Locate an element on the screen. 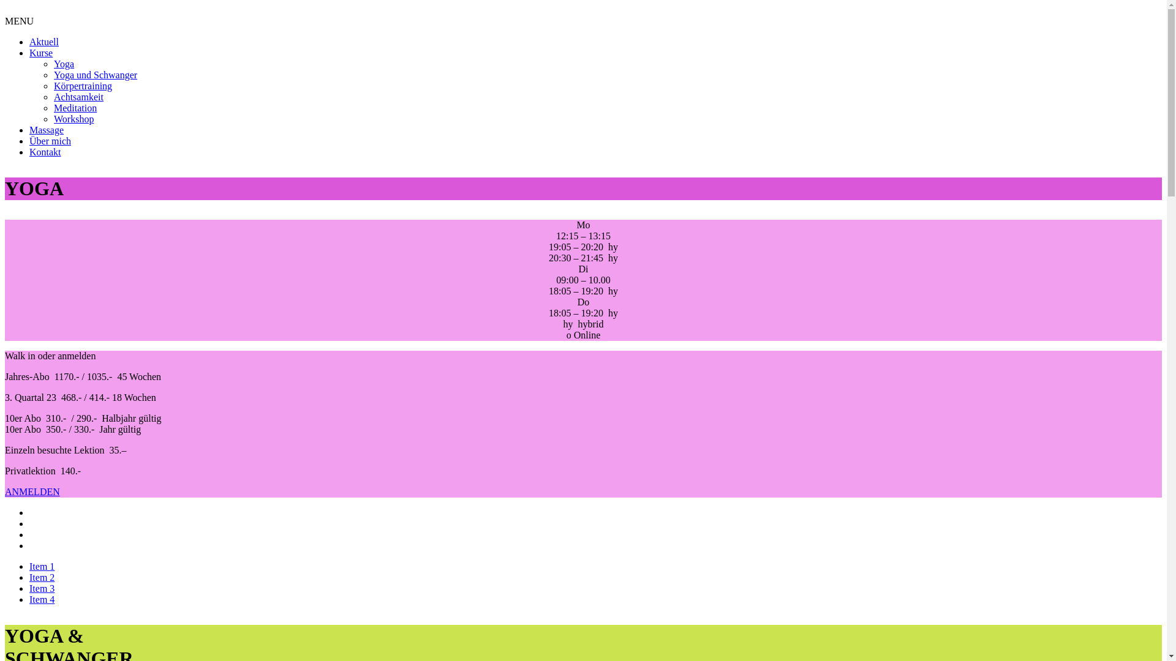 The image size is (1176, 661). 'Massage' is located at coordinates (47, 130).